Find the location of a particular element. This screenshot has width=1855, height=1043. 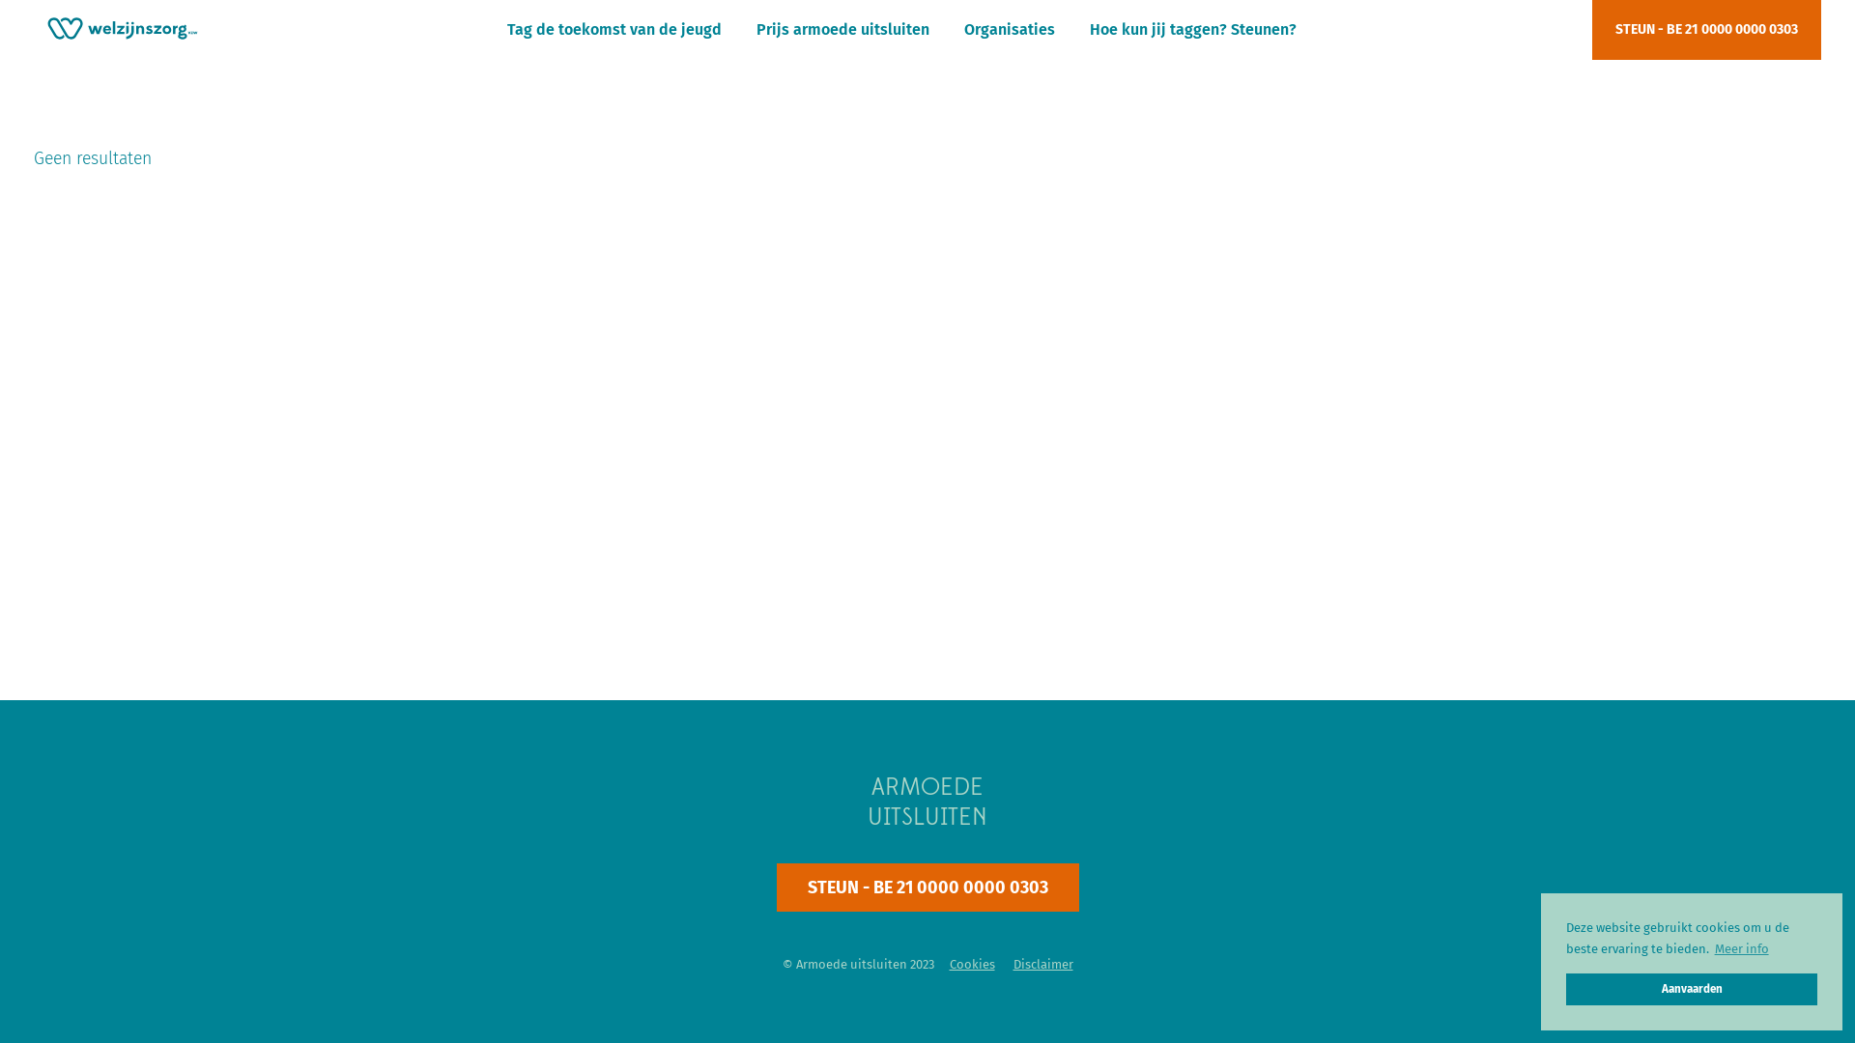

'STEUN - BE 21 0000 0000 0303' is located at coordinates (1706, 29).